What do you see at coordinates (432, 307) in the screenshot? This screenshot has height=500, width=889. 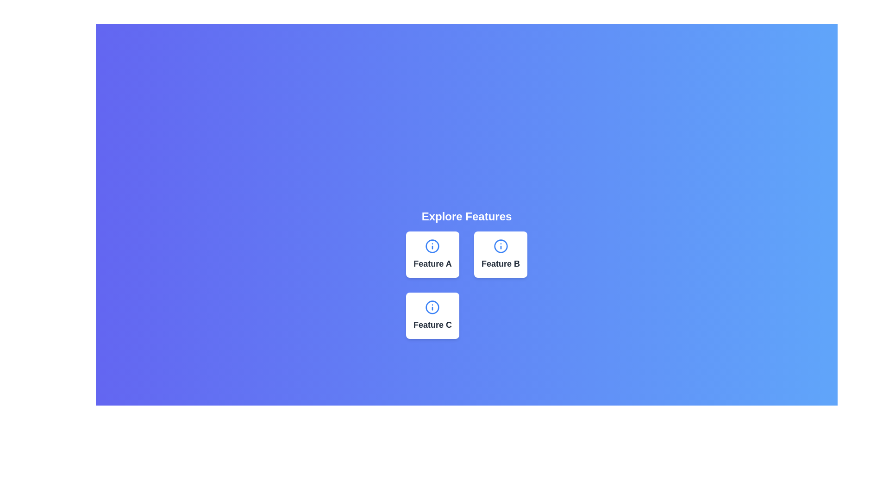 I see `the decorative SVG circle that is part of the information icon, located under the heading 'Explore Features' and adjacent to 'Feature C'` at bounding box center [432, 307].